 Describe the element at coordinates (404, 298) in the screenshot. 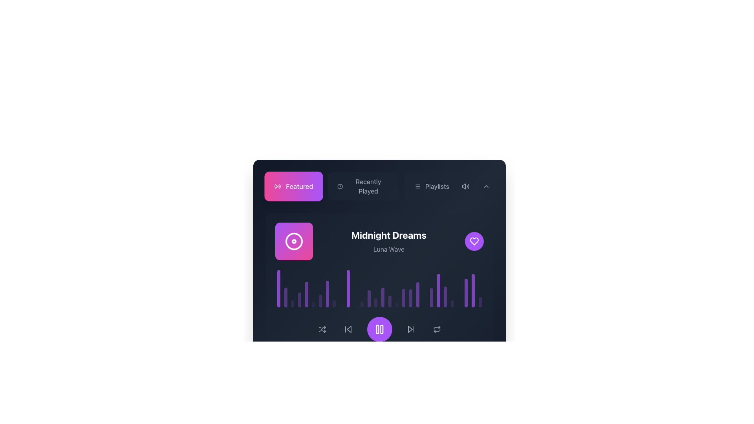

I see `the seventeenth bar in the music equalizer graphical visualization, which is located centrally in the lower part of the interface, below the song title and above playback controls` at that location.